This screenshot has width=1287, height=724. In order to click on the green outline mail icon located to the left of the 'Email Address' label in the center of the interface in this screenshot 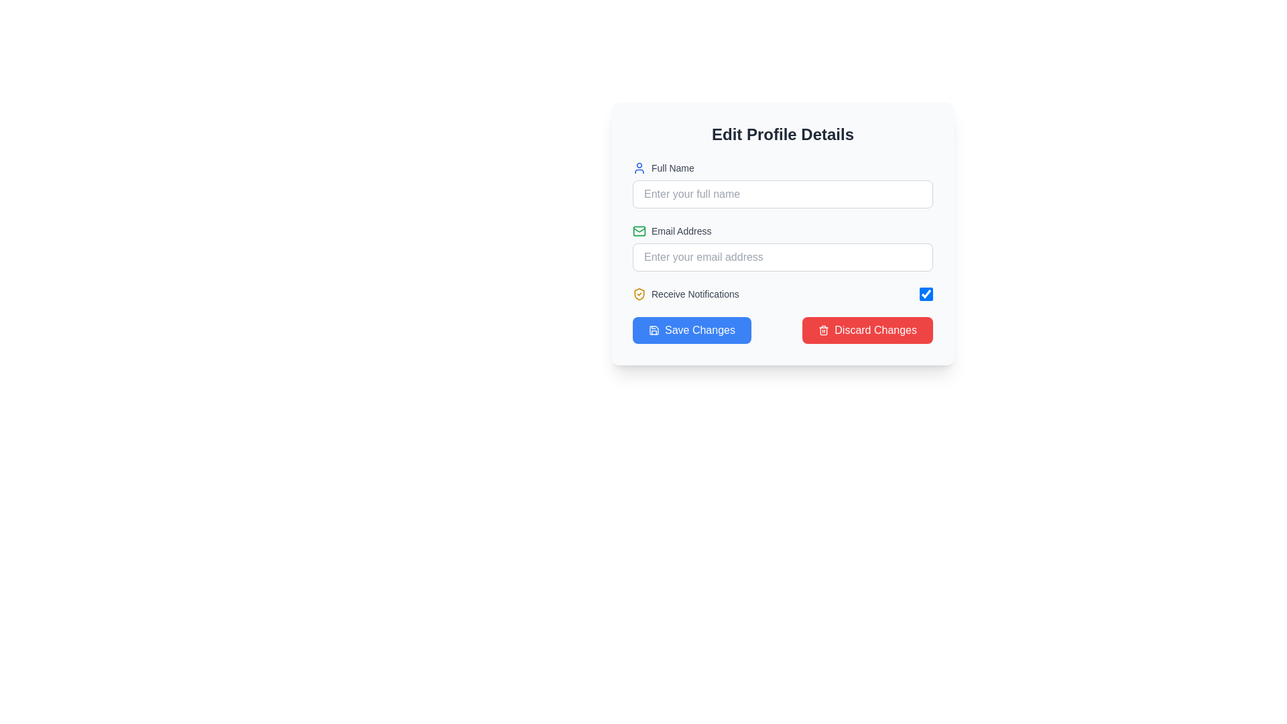, I will do `click(639, 230)`.